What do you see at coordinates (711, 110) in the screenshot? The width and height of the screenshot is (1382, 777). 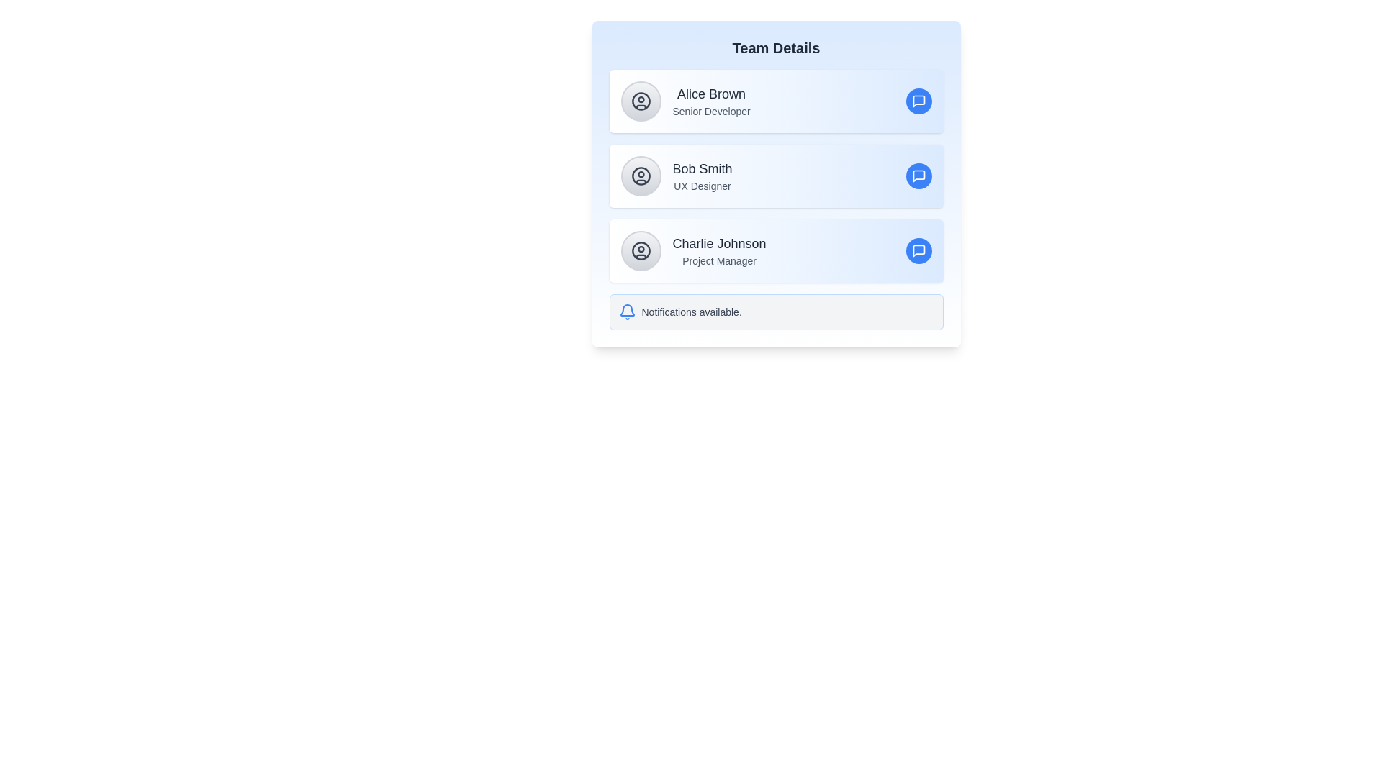 I see `text content of the label displaying the job title of 'Alice Brown', located under the 'Team Details' section and aligned to the right of her profile icon` at bounding box center [711, 110].